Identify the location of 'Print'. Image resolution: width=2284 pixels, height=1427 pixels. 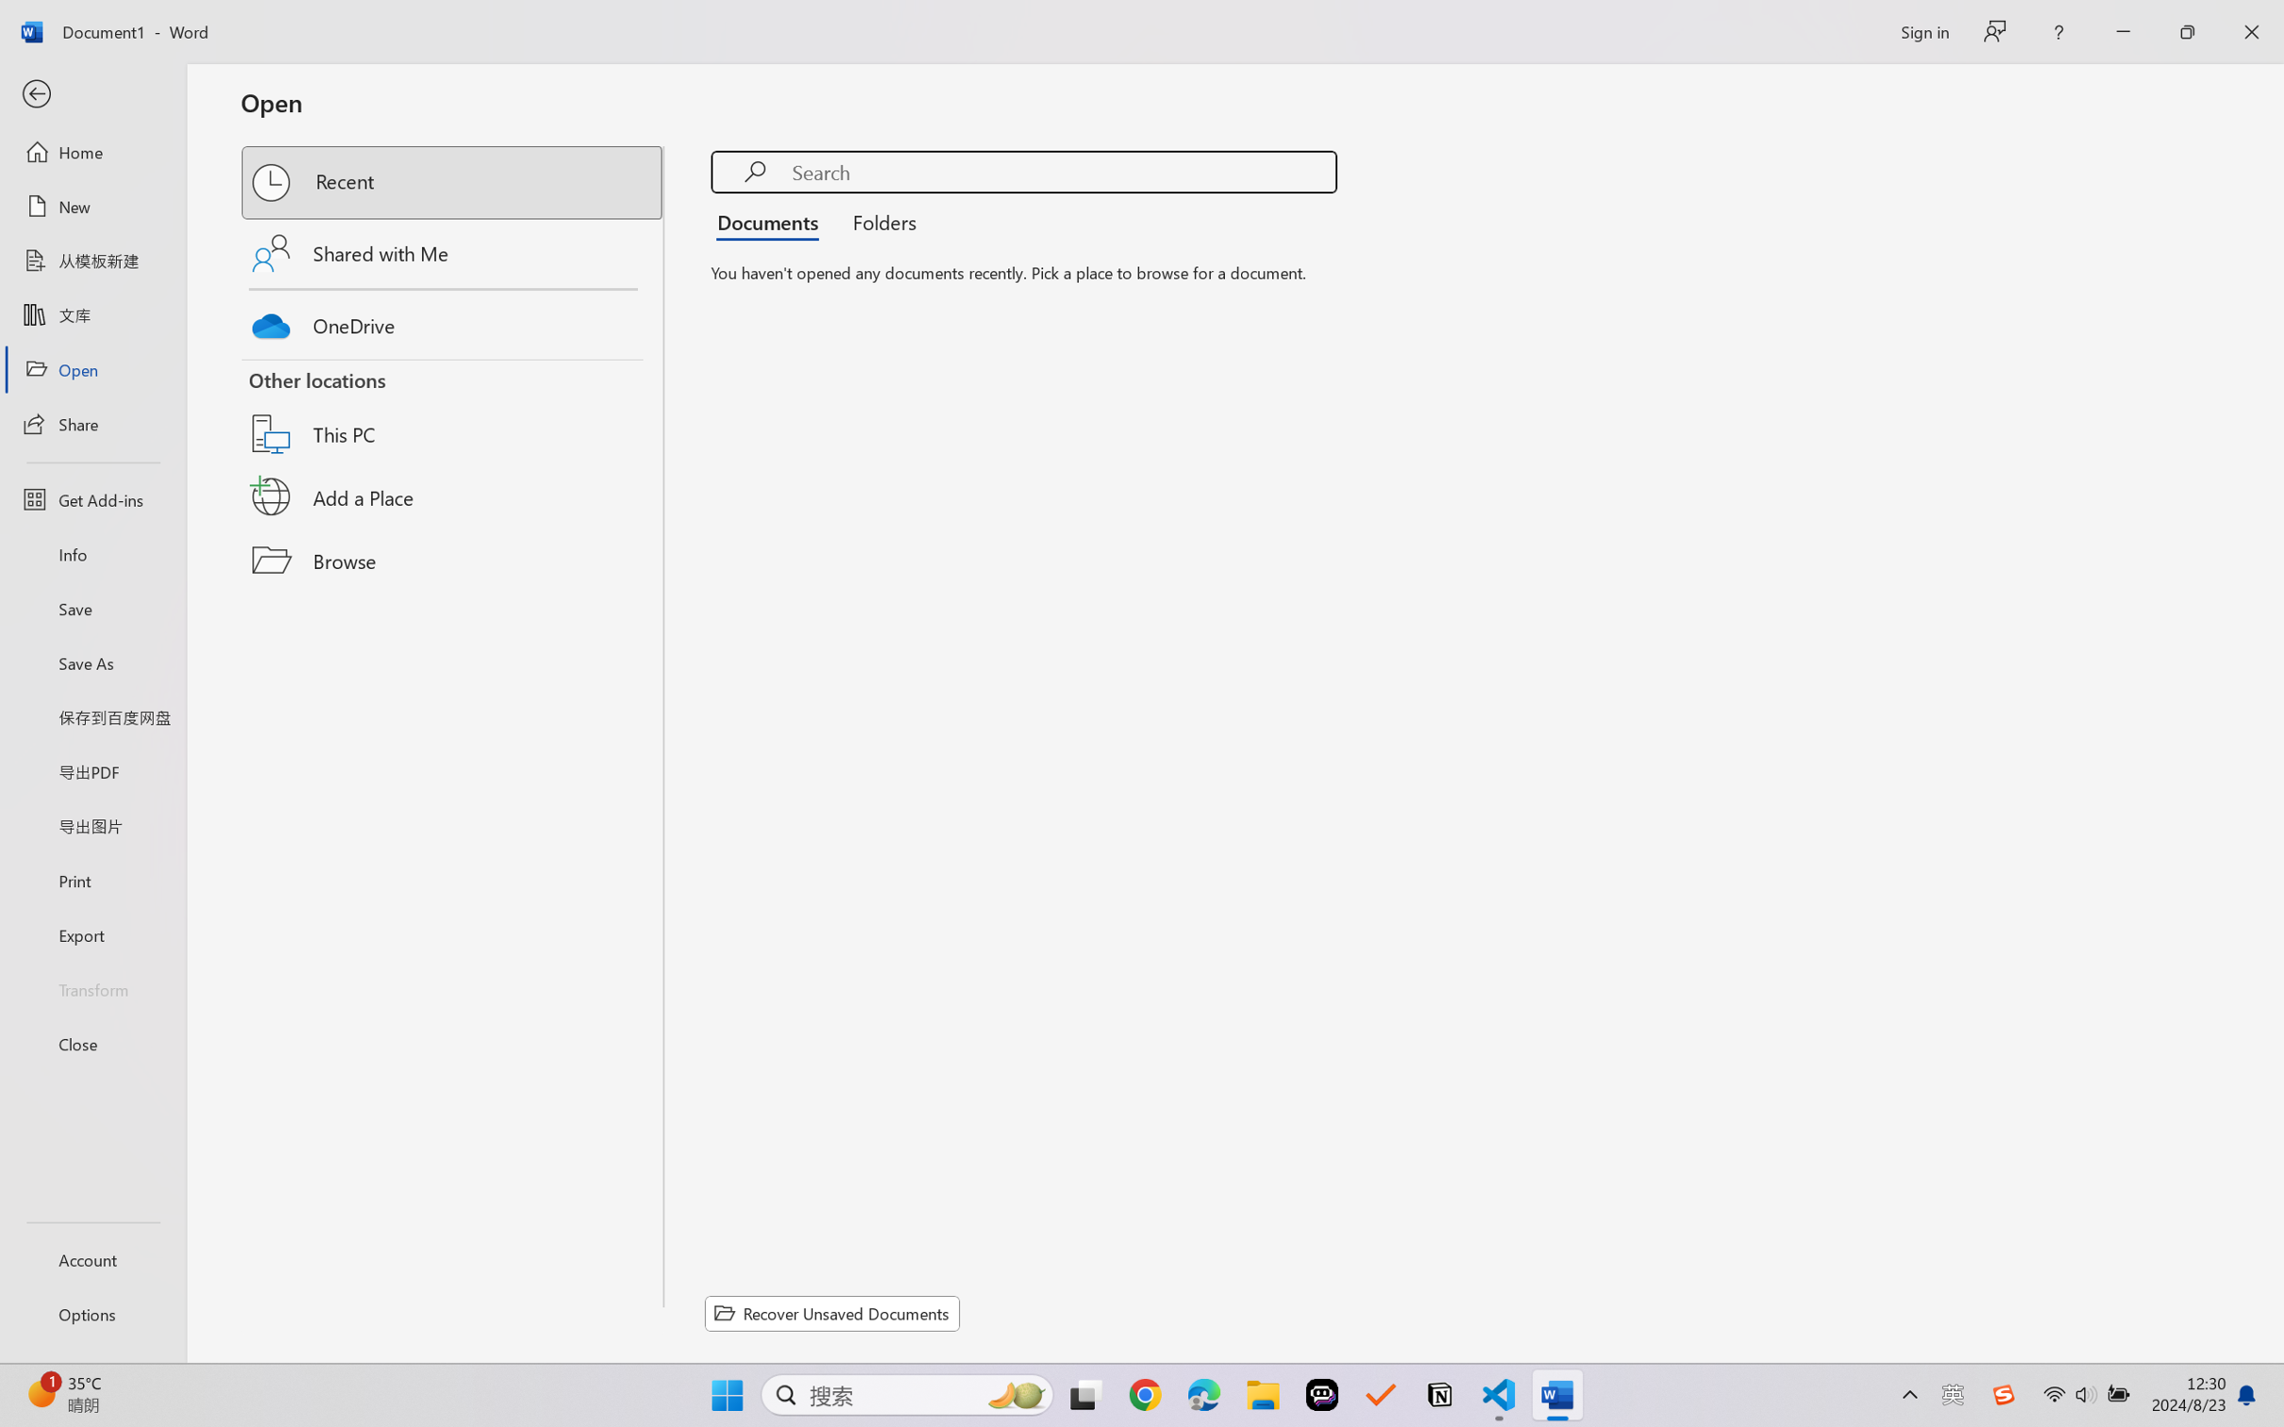
(92, 881).